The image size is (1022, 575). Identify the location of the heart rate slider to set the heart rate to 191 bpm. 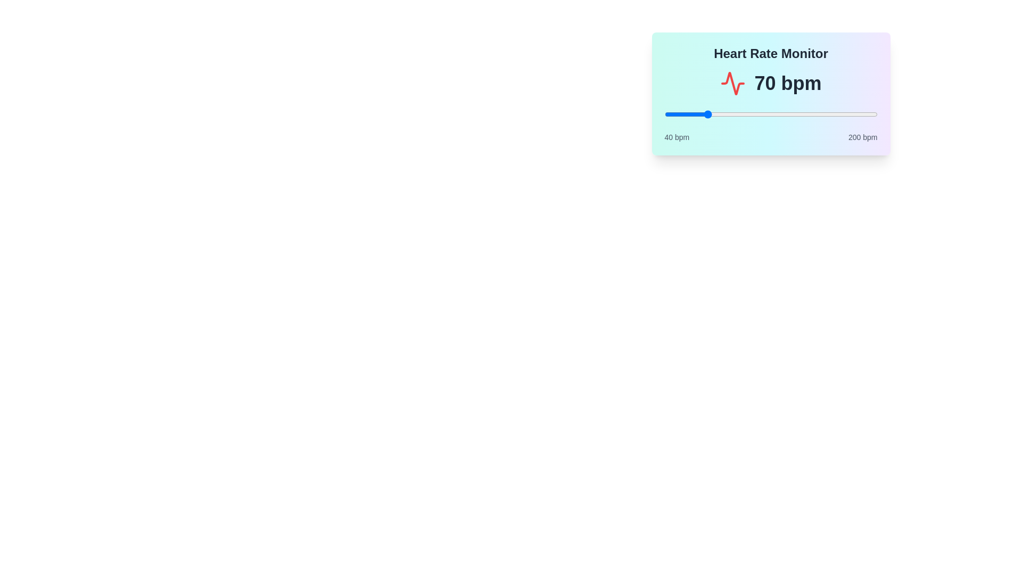
(866, 114).